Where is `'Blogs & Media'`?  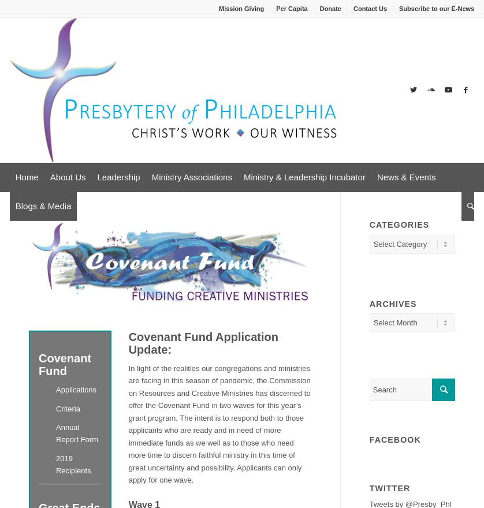 'Blogs & Media' is located at coordinates (43, 205).